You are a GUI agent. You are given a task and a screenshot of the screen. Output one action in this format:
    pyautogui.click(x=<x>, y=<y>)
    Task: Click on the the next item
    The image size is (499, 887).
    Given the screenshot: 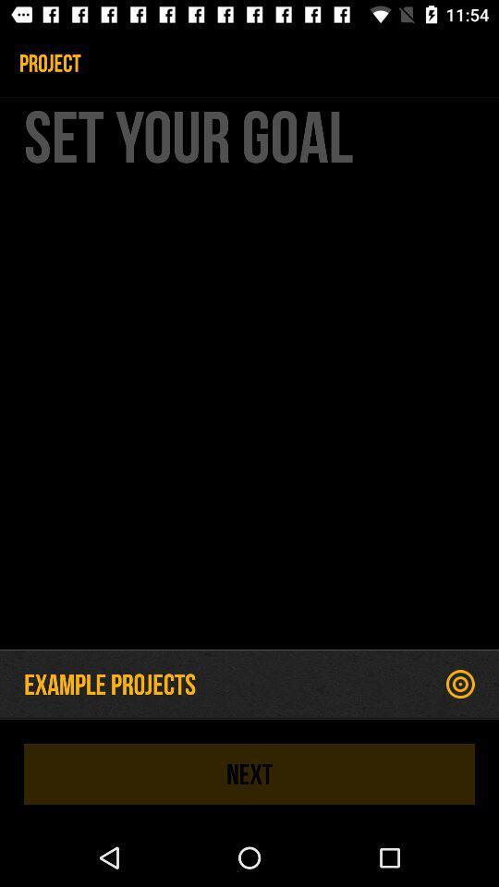 What is the action you would take?
    pyautogui.click(x=249, y=773)
    